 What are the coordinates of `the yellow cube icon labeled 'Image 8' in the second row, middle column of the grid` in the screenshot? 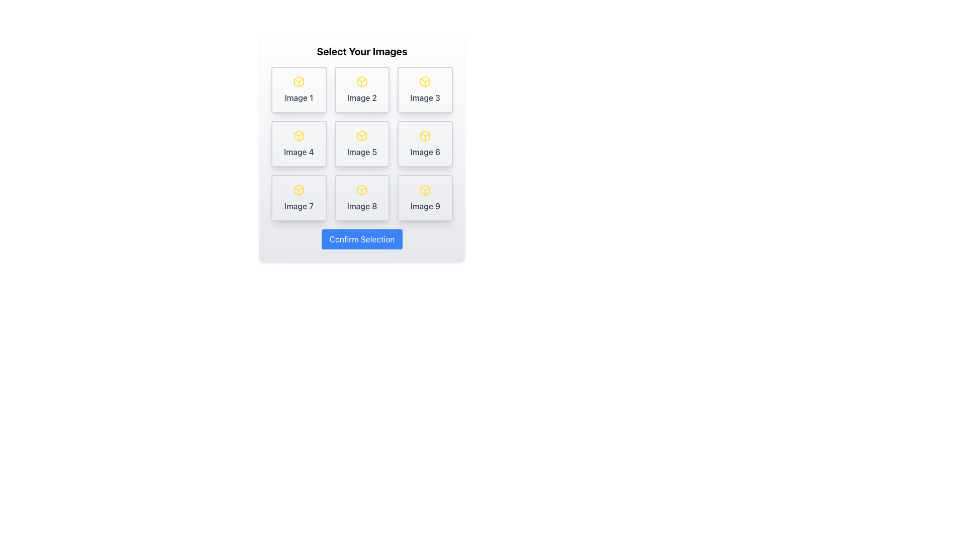 It's located at (362, 190).